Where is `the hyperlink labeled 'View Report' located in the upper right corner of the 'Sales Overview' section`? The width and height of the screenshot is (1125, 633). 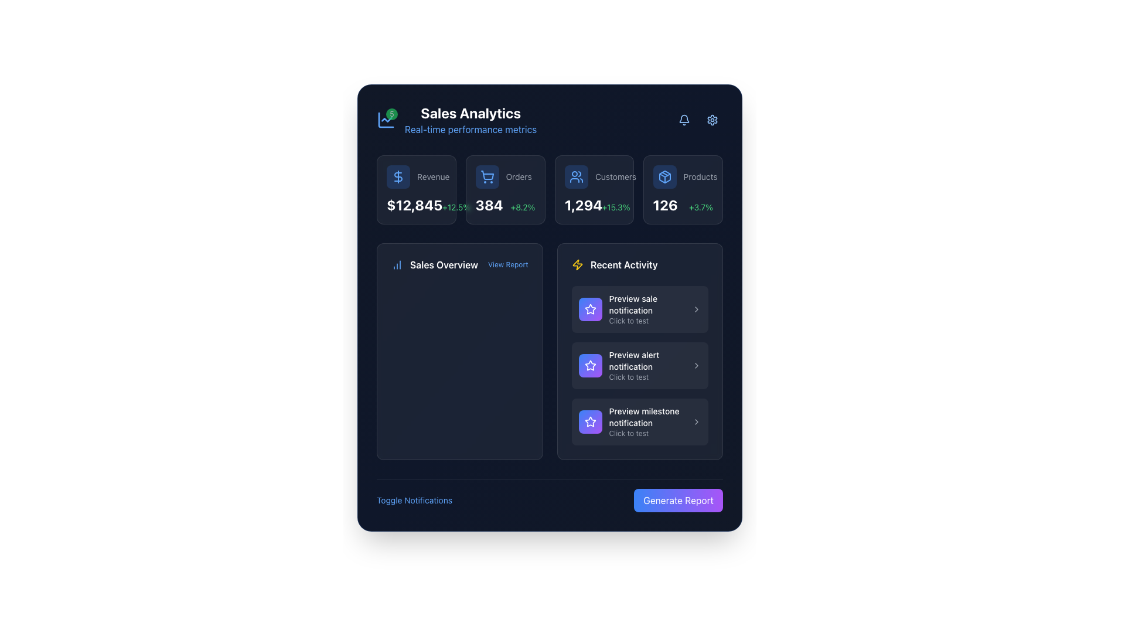
the hyperlink labeled 'View Report' located in the upper right corner of the 'Sales Overview' section is located at coordinates (508, 264).